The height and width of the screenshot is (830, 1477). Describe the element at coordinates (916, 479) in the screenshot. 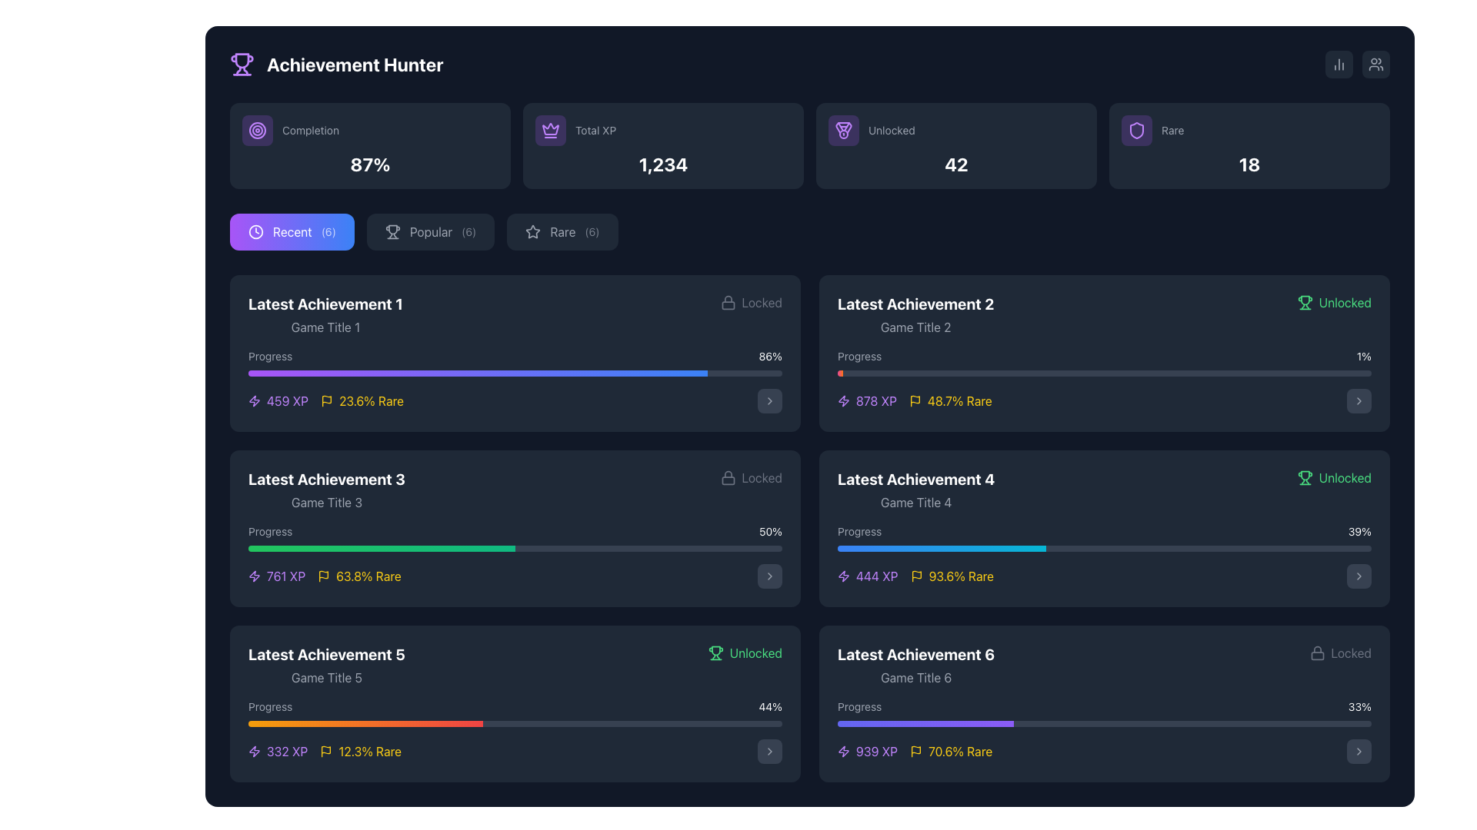

I see `the text label identifying the fourth achievement entry in the 'Latest Achievements' section` at that location.